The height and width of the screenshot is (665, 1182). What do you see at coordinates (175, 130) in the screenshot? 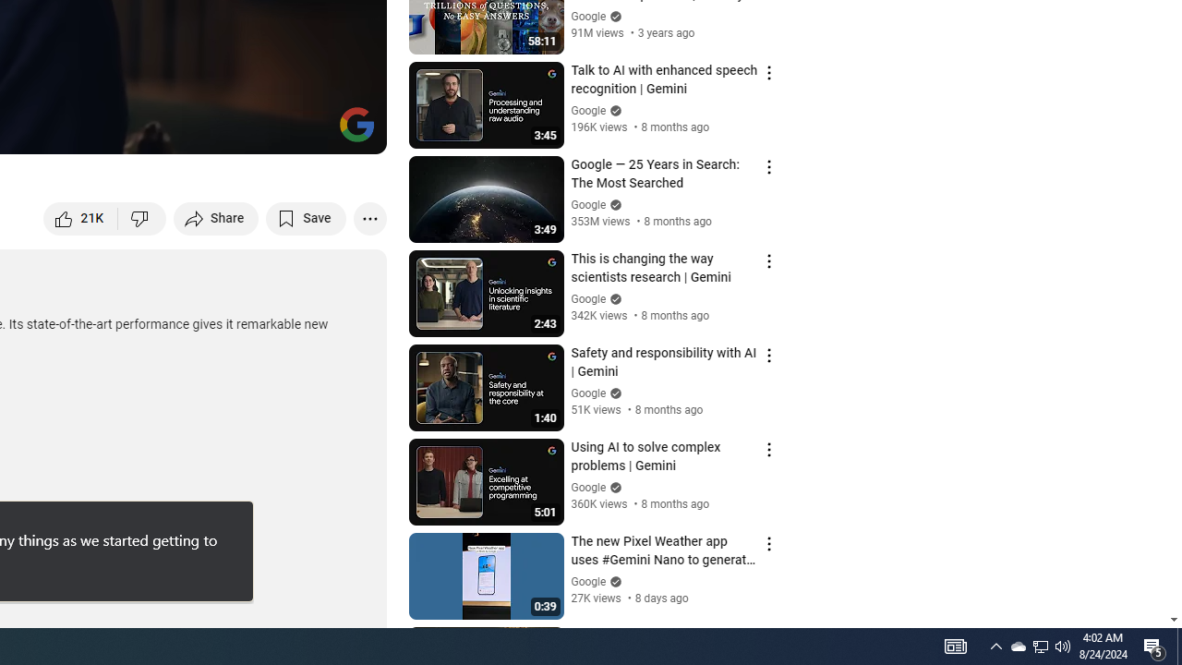
I see `'Subtitles/closed captions unavailable'` at bounding box center [175, 130].